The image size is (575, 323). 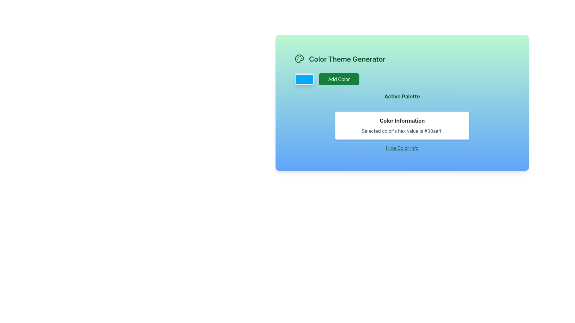 I want to click on displayed hex color value from the text stating "Selected color's hex value is #00aaff." which is shown in muted gray font below the header "Color Information", so click(x=402, y=131).